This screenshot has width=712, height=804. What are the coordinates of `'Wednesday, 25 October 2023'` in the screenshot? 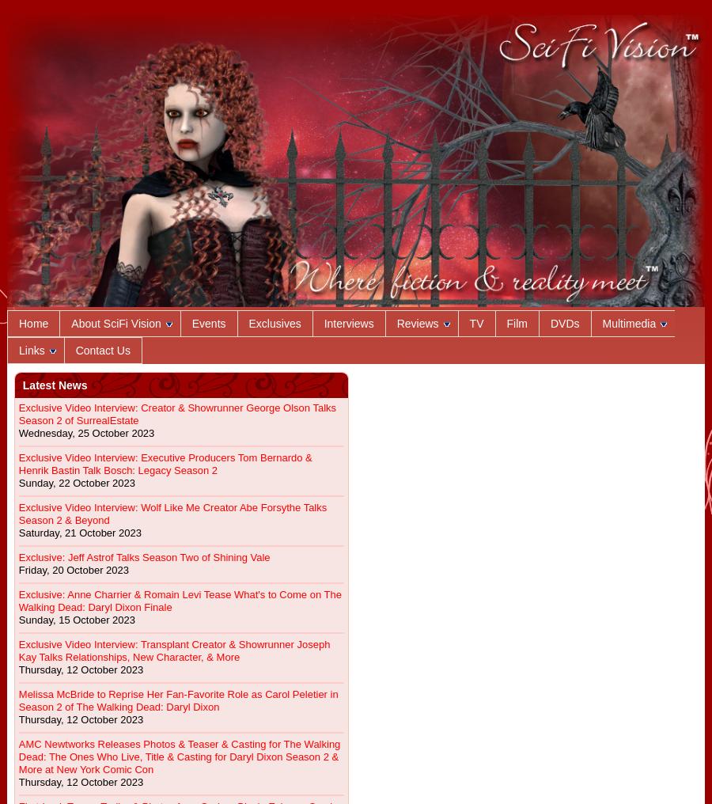 It's located at (85, 432).